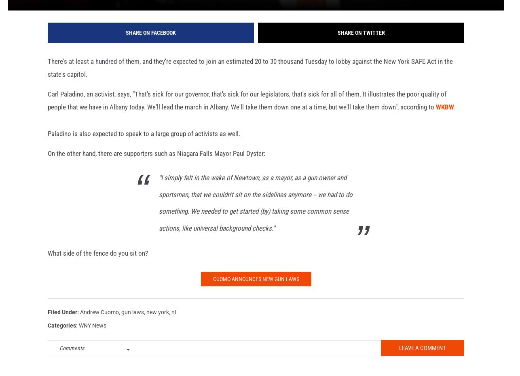 This screenshot has height=376, width=520. Describe the element at coordinates (93, 337) in the screenshot. I see `'WNY News'` at that location.